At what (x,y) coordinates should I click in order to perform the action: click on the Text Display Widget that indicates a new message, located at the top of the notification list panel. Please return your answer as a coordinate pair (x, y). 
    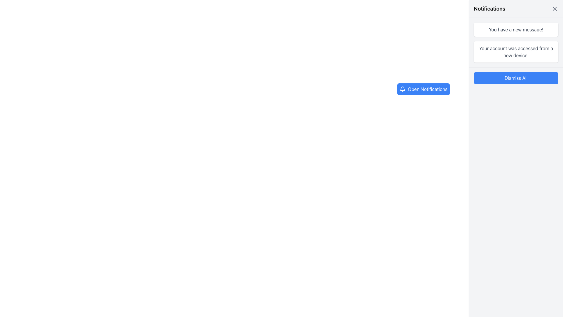
    Looking at the image, I should click on (516, 29).